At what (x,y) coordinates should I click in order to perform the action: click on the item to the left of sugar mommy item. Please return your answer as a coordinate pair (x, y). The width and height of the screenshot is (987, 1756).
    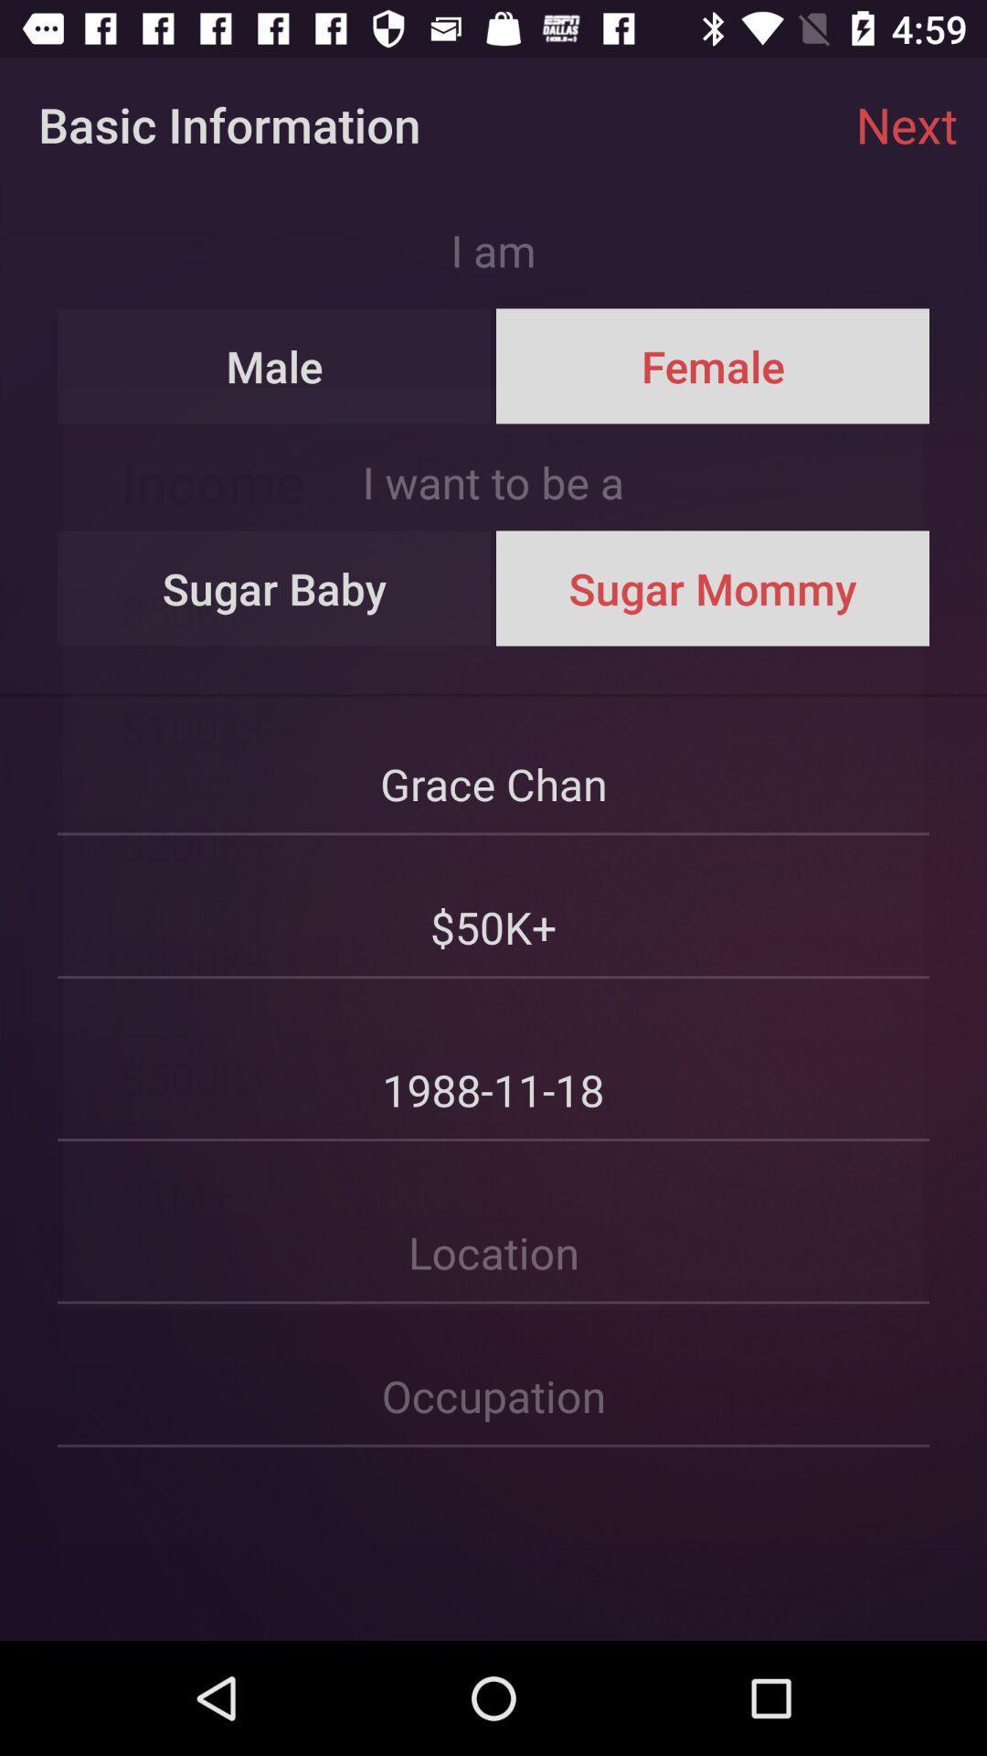
    Looking at the image, I should click on (274, 588).